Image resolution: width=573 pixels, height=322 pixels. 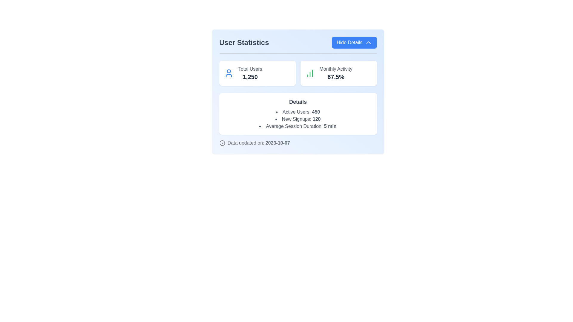 I want to click on the chevron-up icon, which is white on a blue background, located to the right of the 'Hide Details' button, so click(x=368, y=42).